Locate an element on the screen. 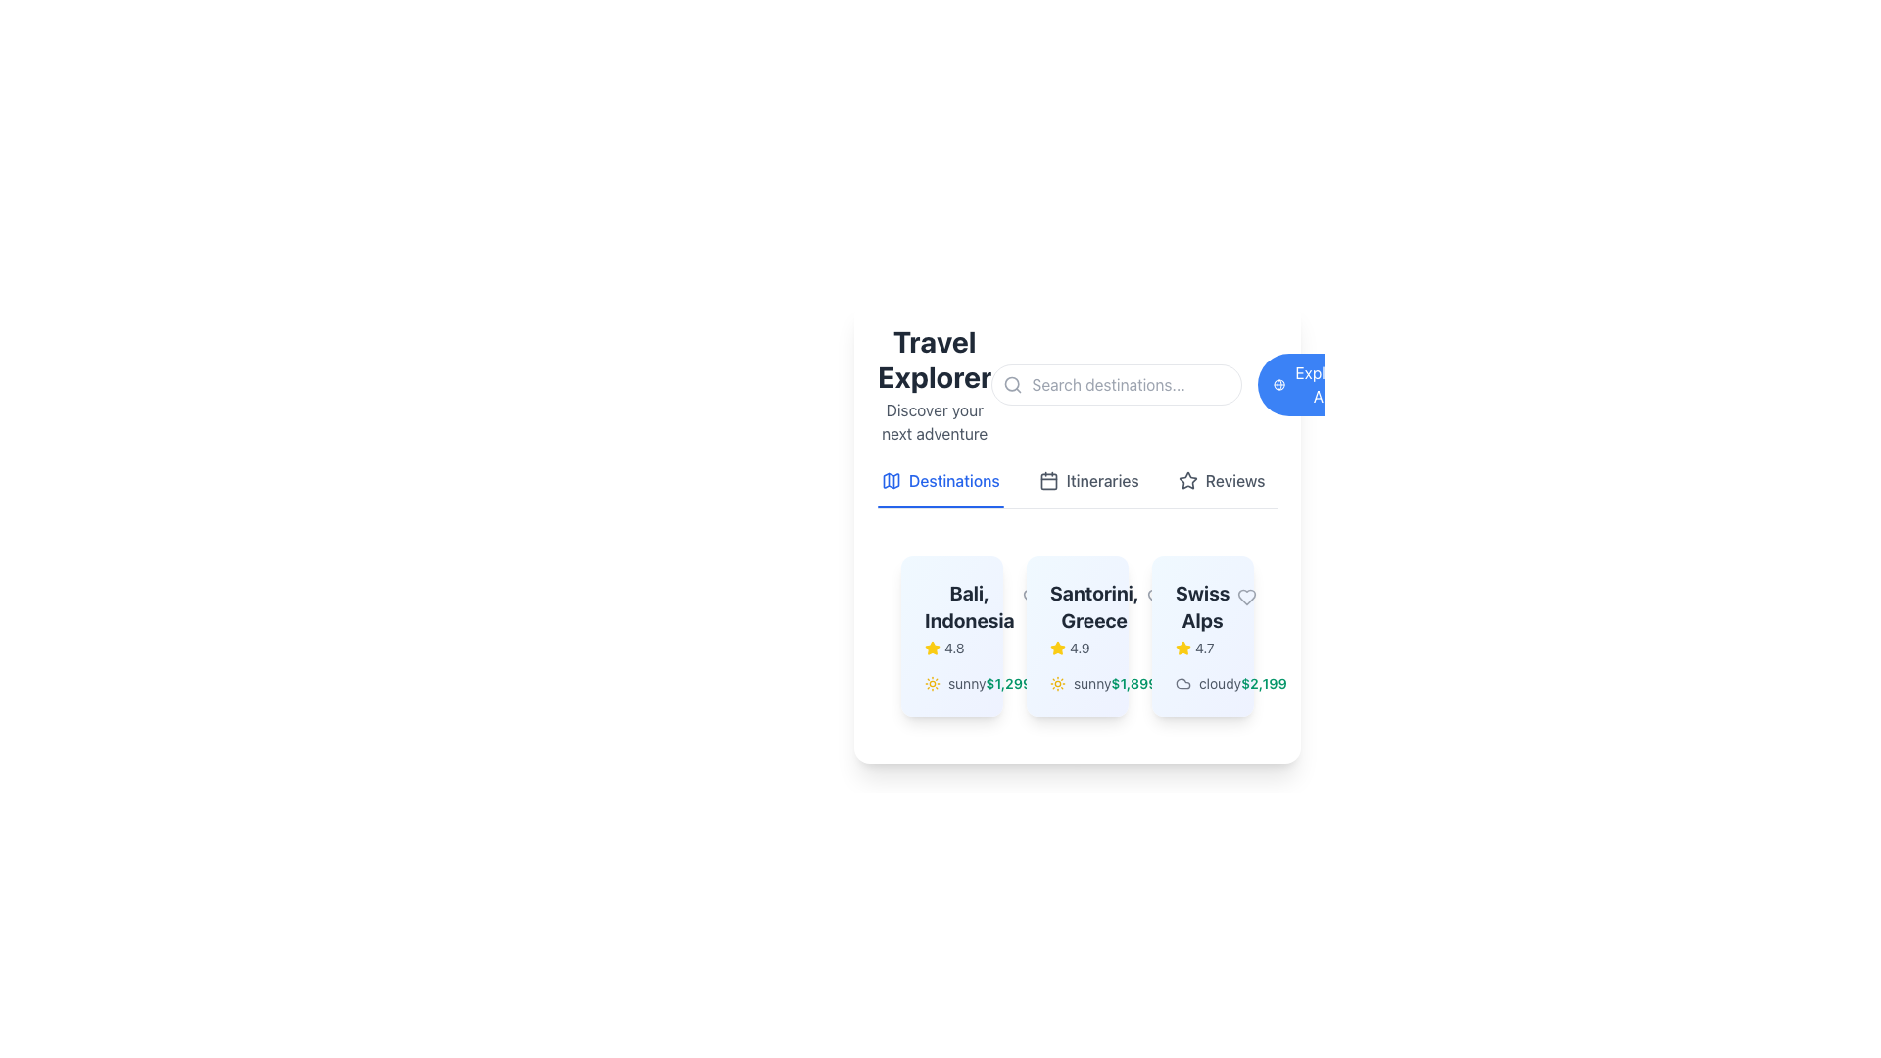 This screenshot has width=1881, height=1058. the filled yellow star icon representing a rating in the review system for 'Bali, Indonesia' is located at coordinates (931, 649).